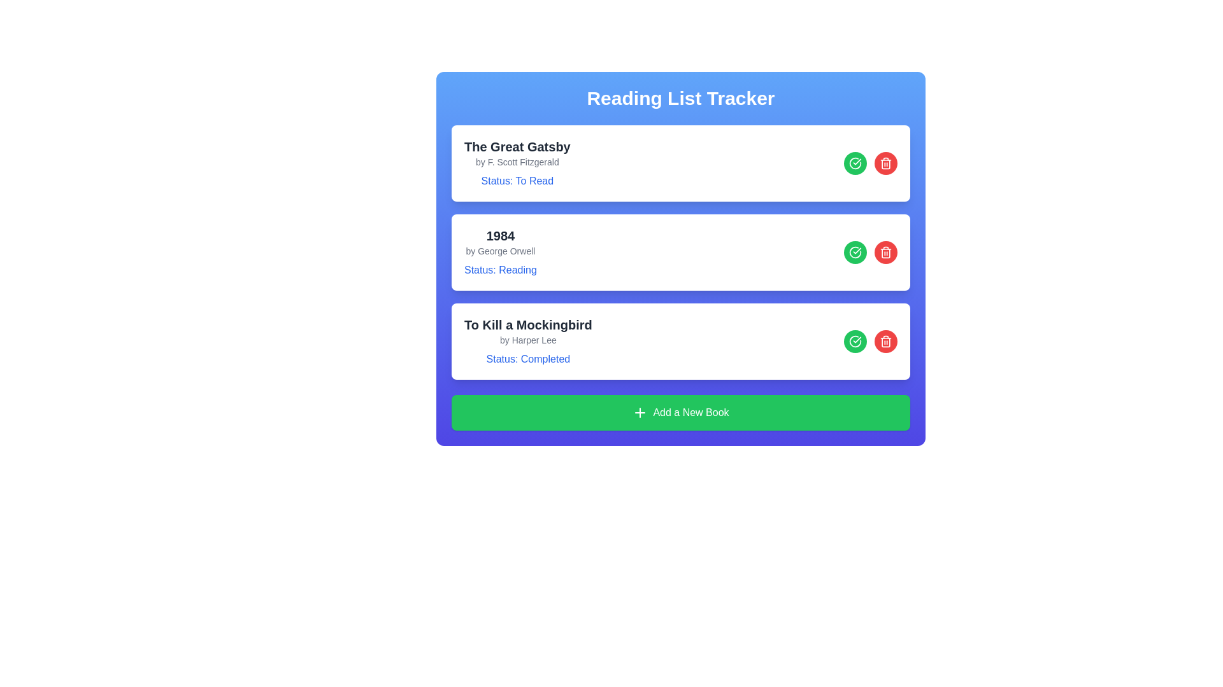 The height and width of the screenshot is (687, 1223). What do you see at coordinates (855, 253) in the screenshot?
I see `the circular green confirmation button with a white checkmark icon located in the 'Reading List Tracker' interface, adjacent to '1984 by George Orwell'` at bounding box center [855, 253].